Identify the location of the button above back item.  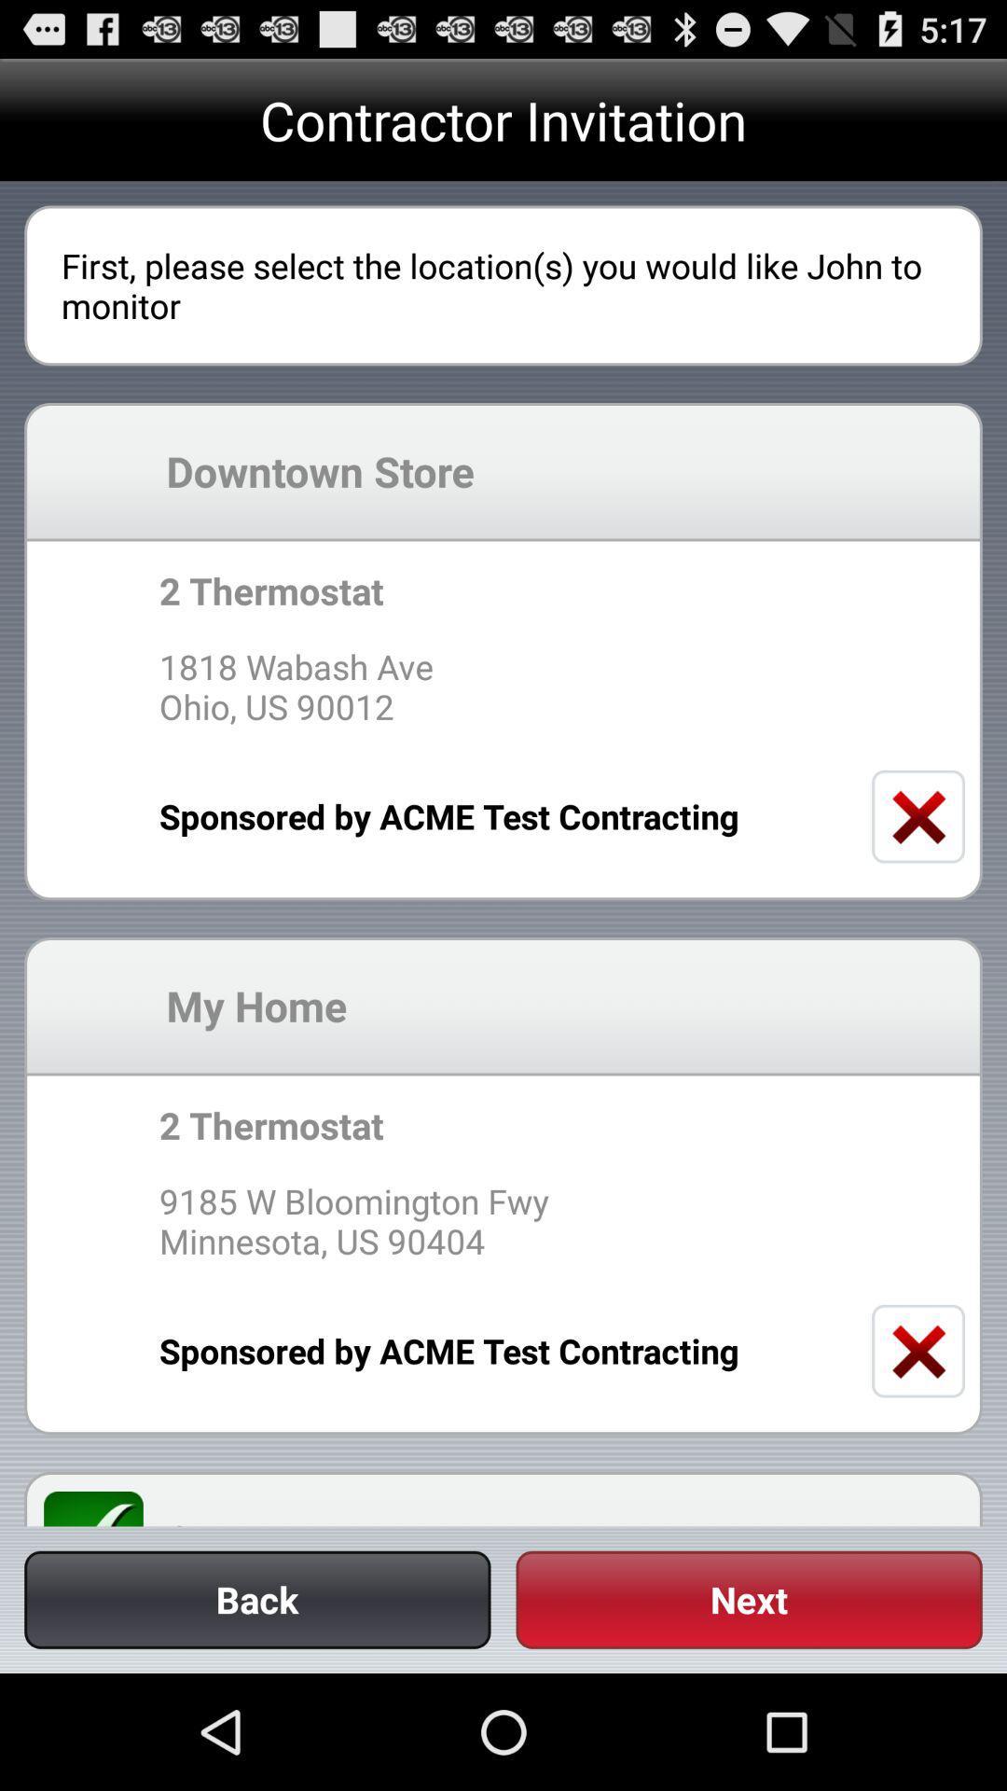
(104, 1508).